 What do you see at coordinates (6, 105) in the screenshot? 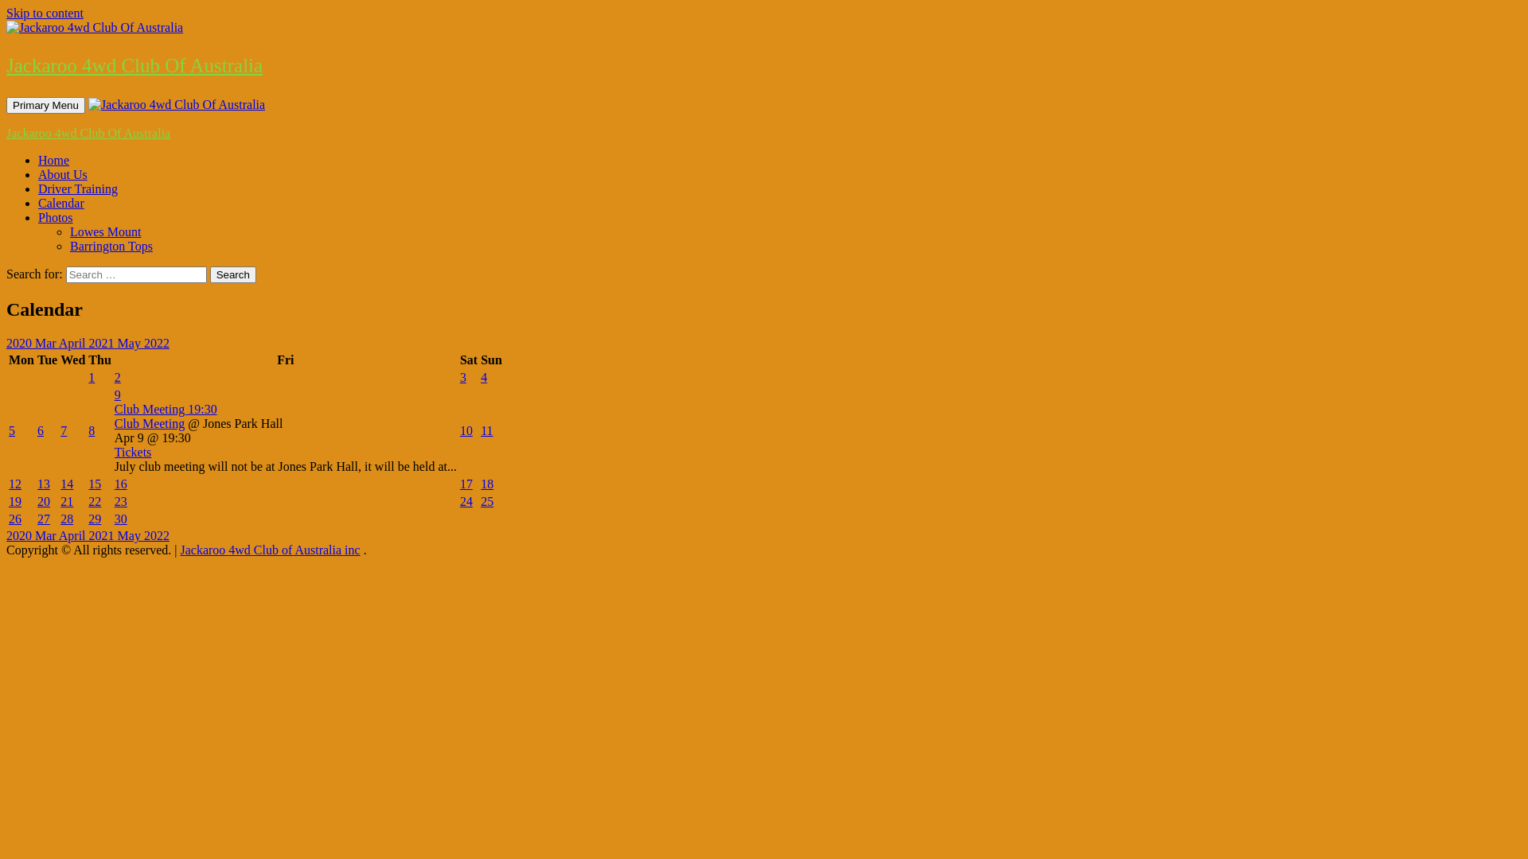
I see `'Primary Menu'` at bounding box center [6, 105].